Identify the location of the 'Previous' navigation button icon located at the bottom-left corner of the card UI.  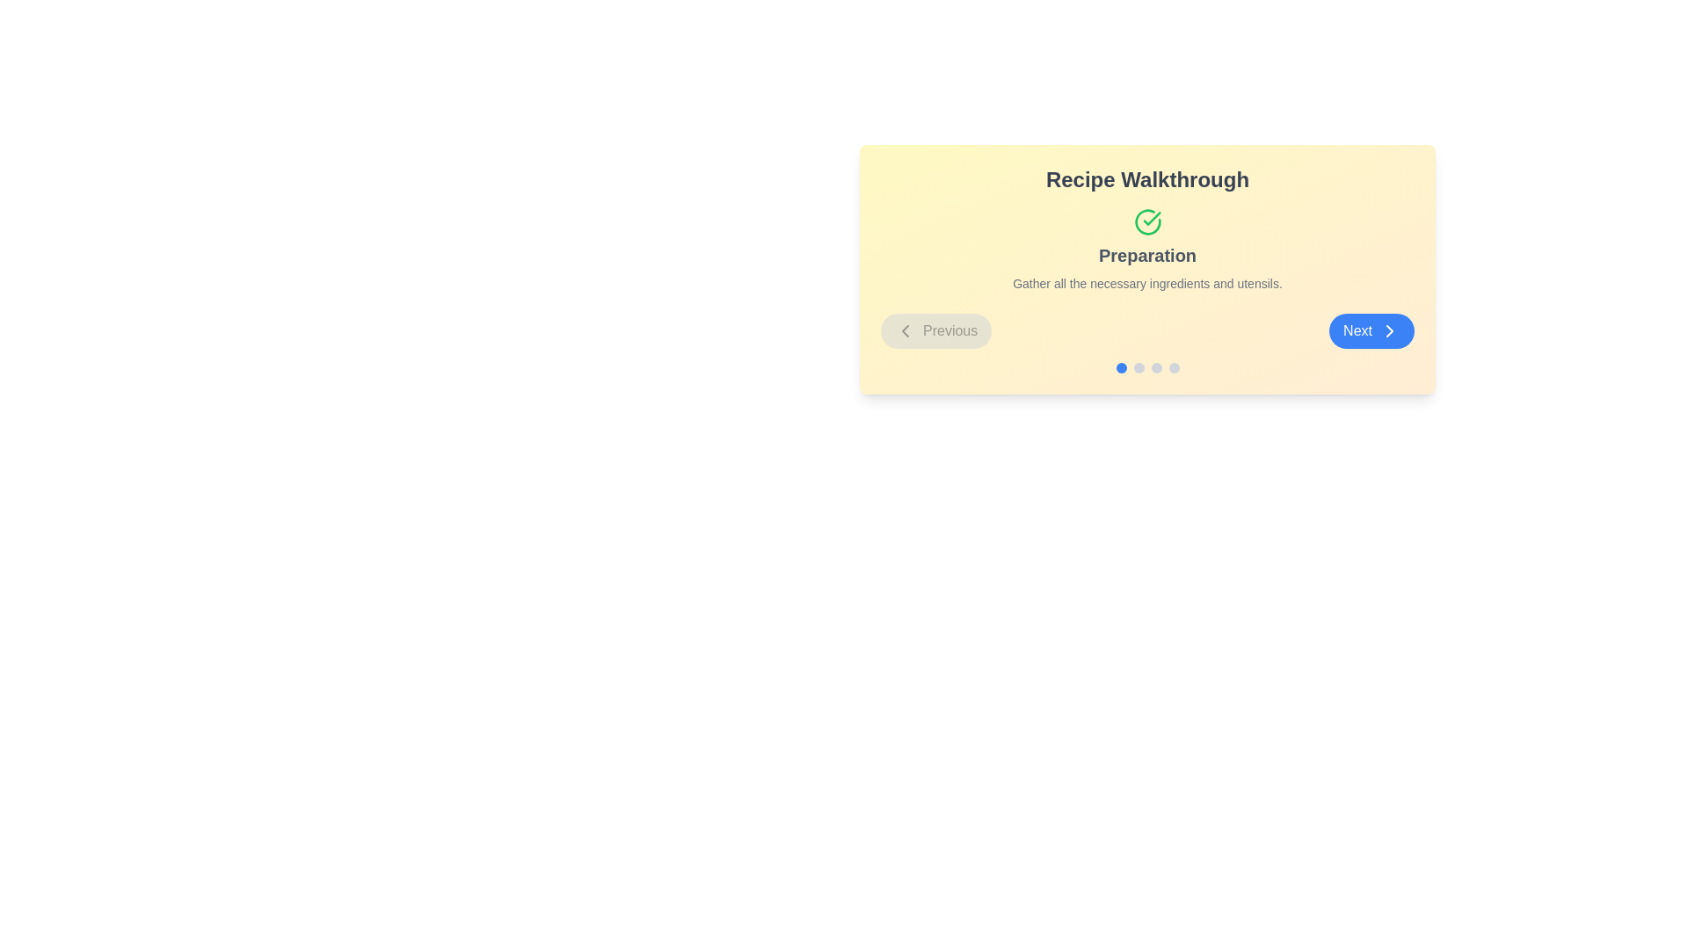
(906, 331).